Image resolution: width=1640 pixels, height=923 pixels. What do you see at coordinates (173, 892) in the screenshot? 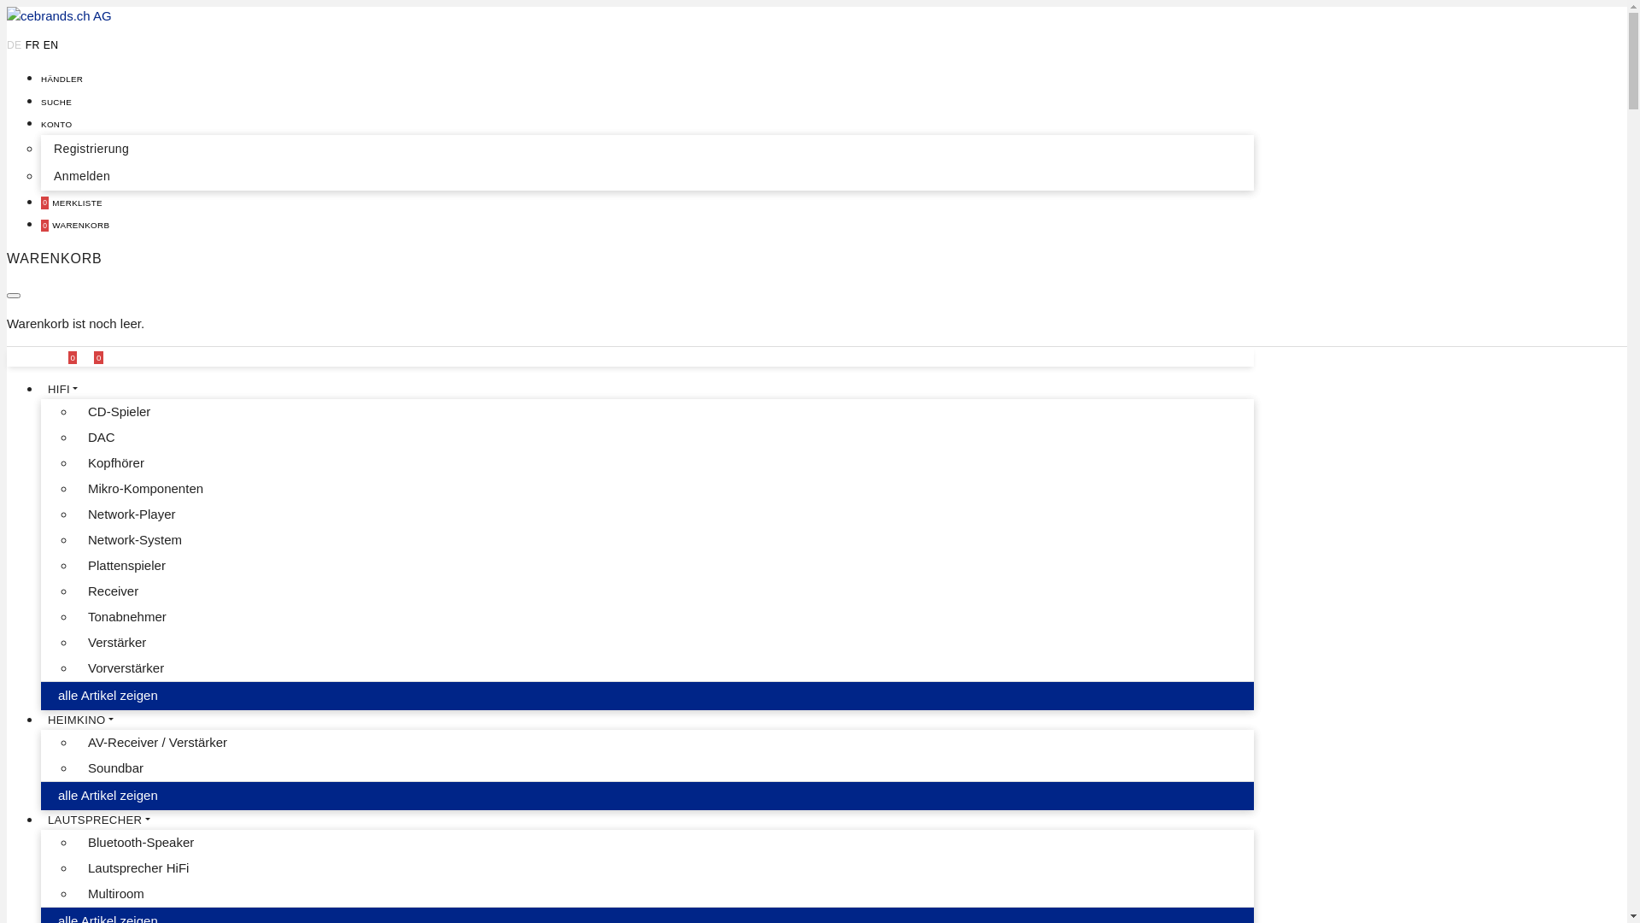
I see `'Multiroom'` at bounding box center [173, 892].